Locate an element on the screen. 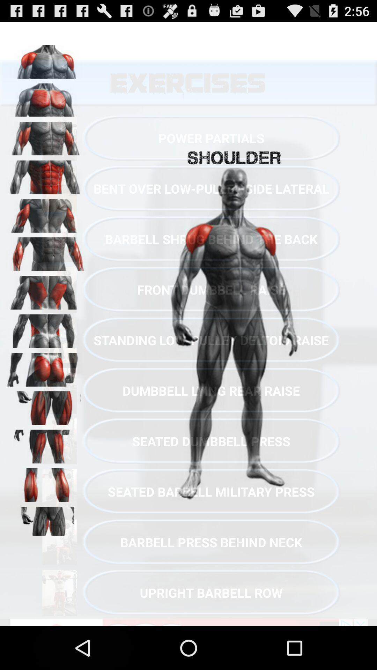  this muscle group is located at coordinates (46, 97).